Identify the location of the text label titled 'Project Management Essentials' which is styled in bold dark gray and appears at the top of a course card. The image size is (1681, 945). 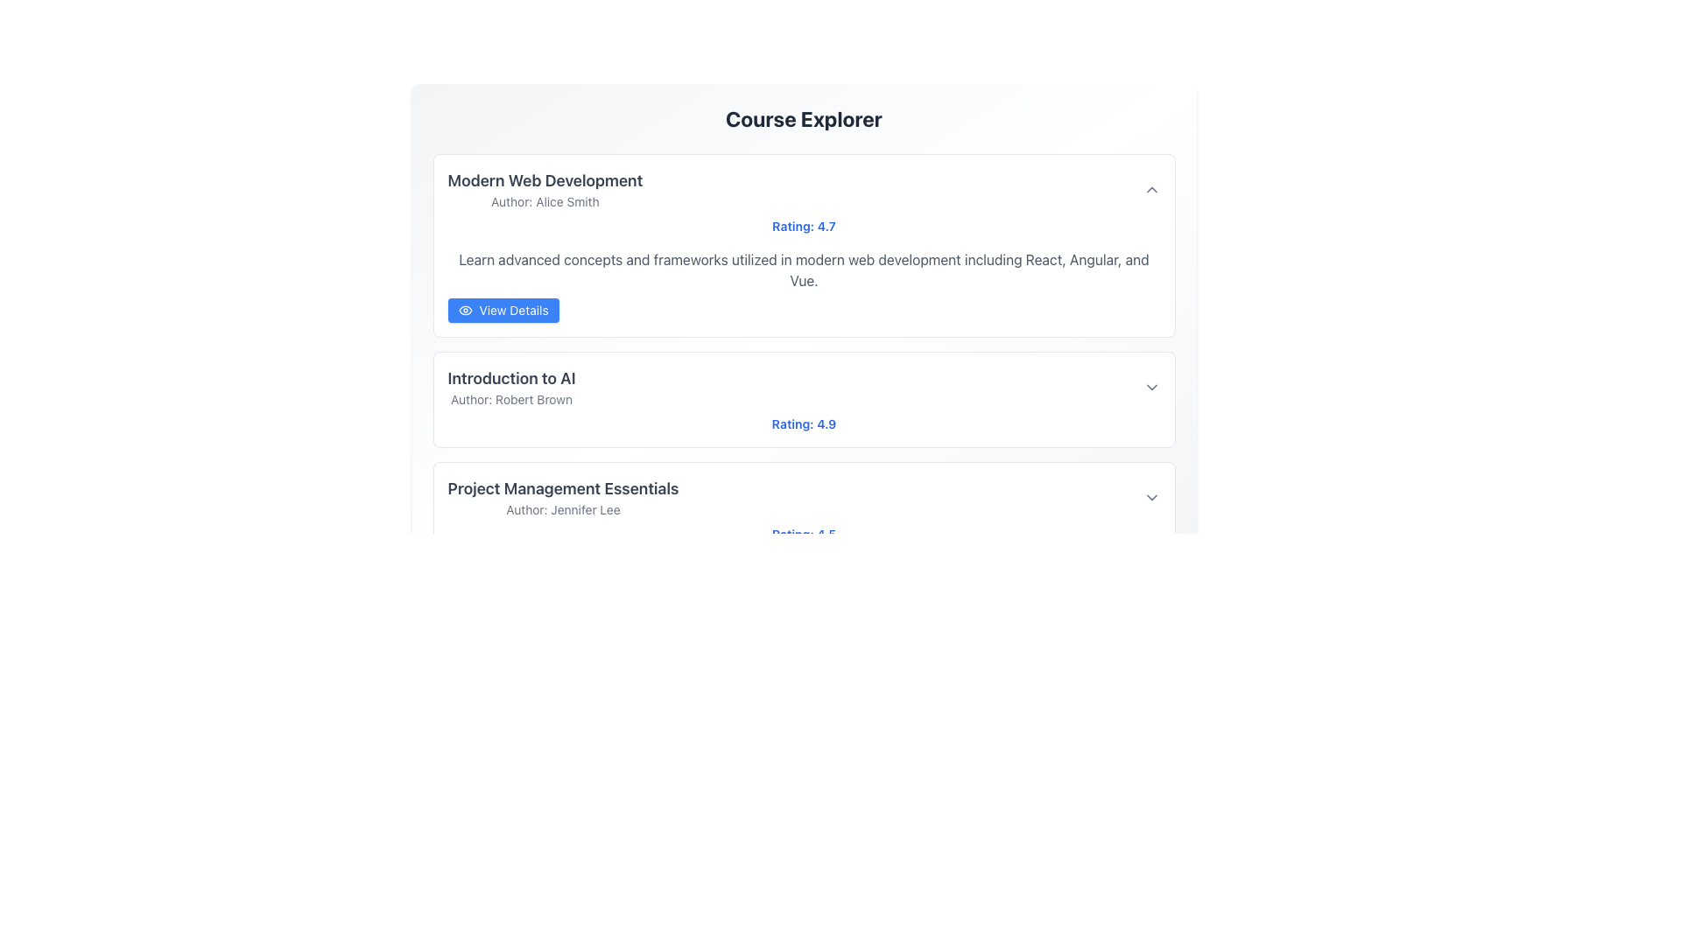
(563, 489).